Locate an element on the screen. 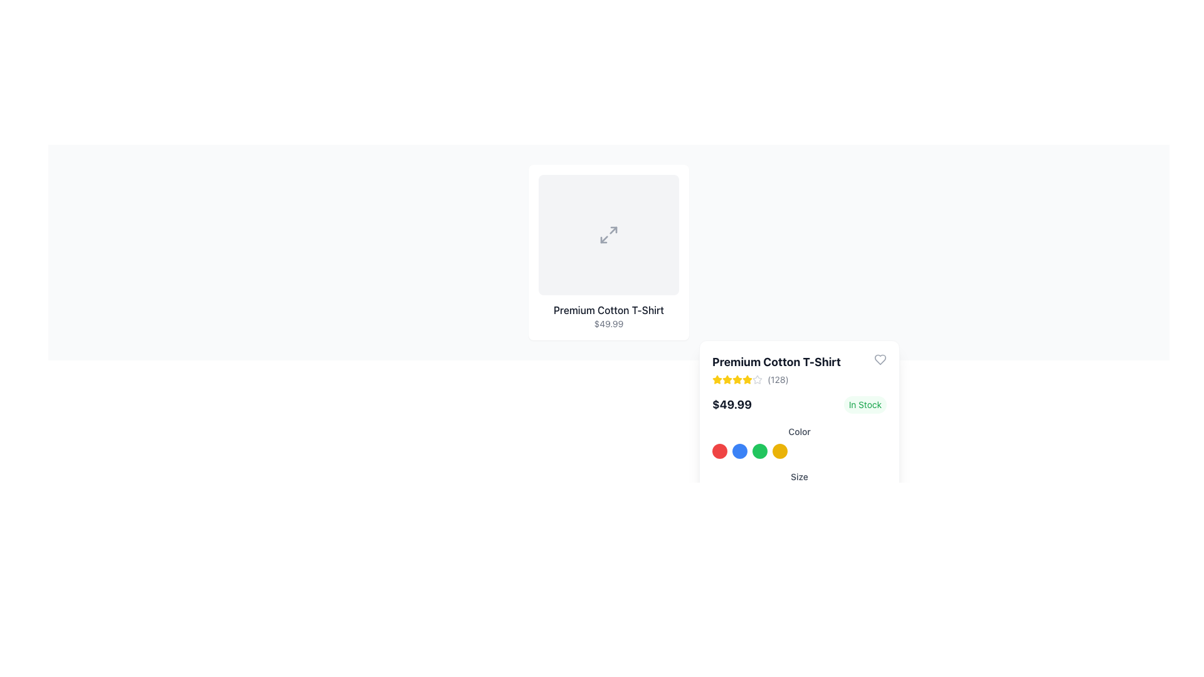 The width and height of the screenshot is (1204, 677). the heart icon outlined in gray at the top right corner of the product information card is located at coordinates (879, 360).